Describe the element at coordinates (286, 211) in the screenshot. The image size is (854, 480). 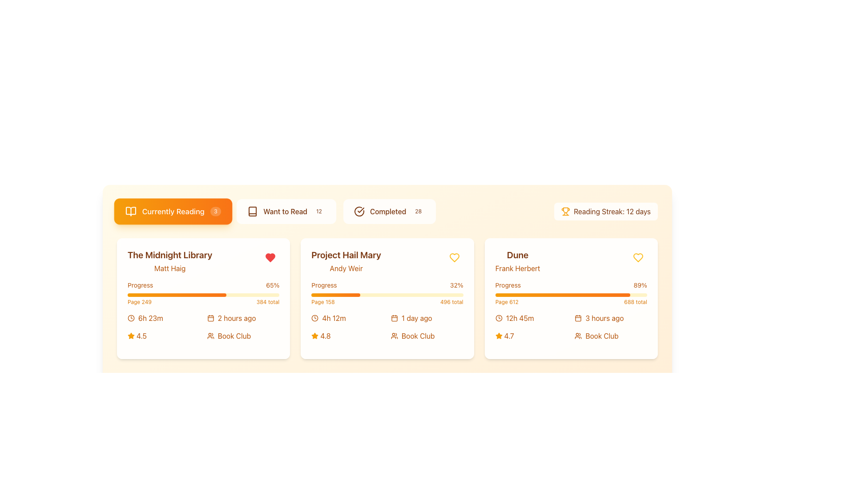
I see `the 'Want to Read' button` at that location.